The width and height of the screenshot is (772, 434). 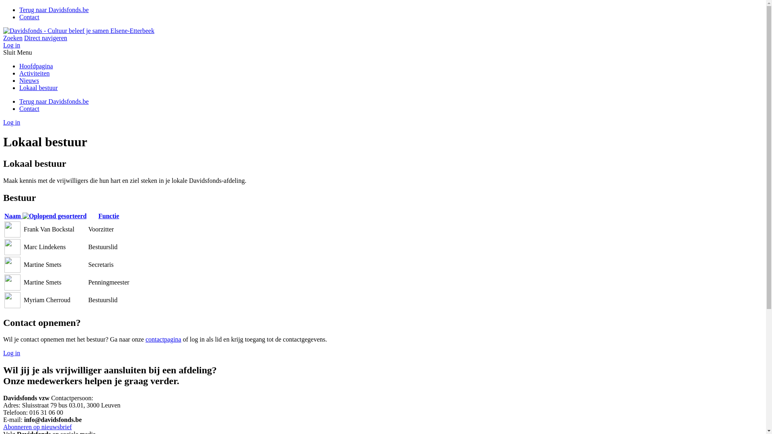 I want to click on 'Oplopend gesorteerd', so click(x=54, y=215).